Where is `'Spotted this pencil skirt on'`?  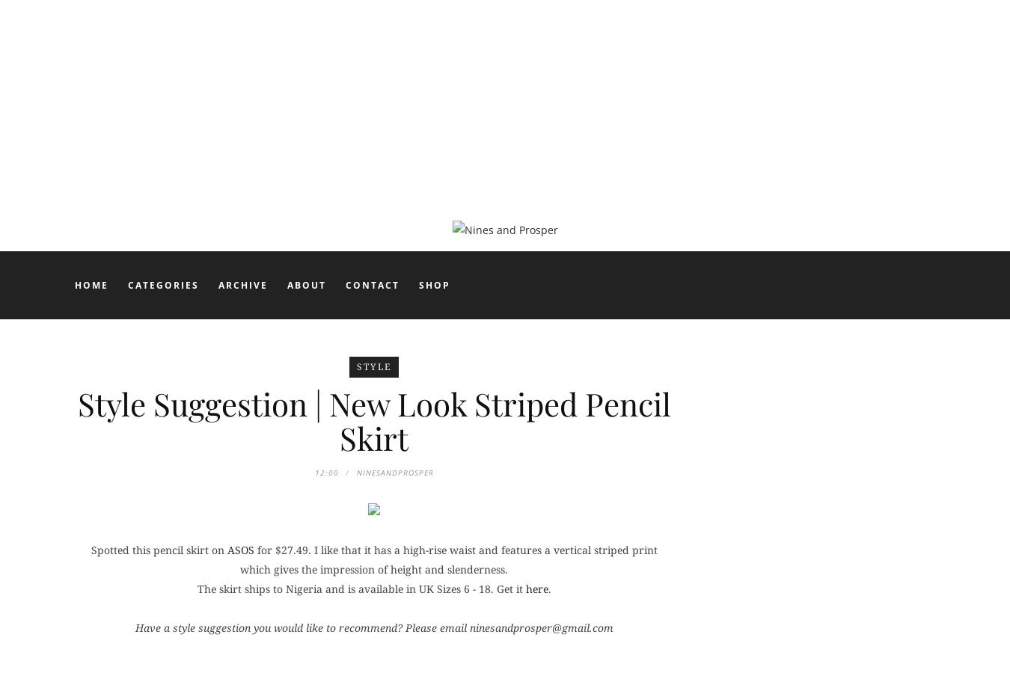
'Spotted this pencil skirt on' is located at coordinates (158, 548).